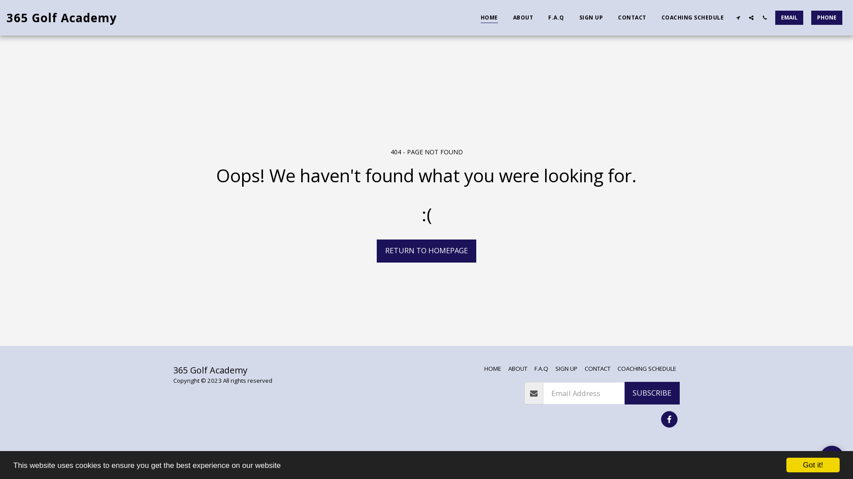 Image resolution: width=853 pixels, height=479 pixels. Describe the element at coordinates (737, 17) in the screenshot. I see `' '` at that location.